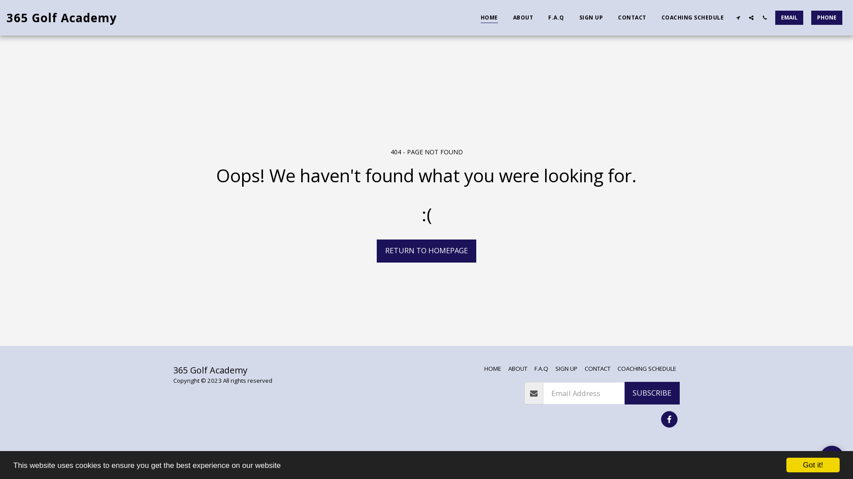 Image resolution: width=853 pixels, height=479 pixels. Describe the element at coordinates (737, 17) in the screenshot. I see `' '` at that location.